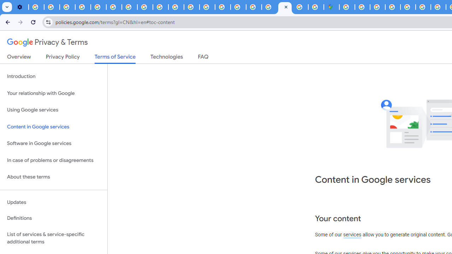  What do you see at coordinates (53, 177) in the screenshot?
I see `'About these terms'` at bounding box center [53, 177].